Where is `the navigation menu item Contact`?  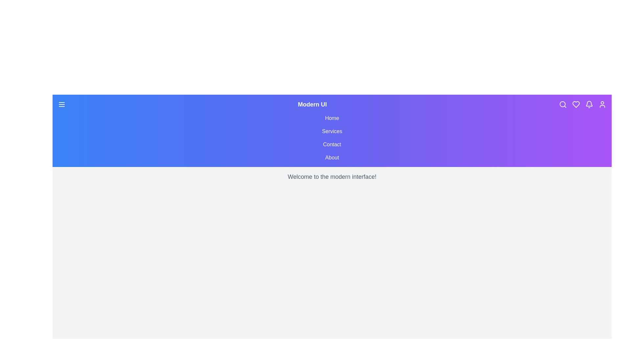 the navigation menu item Contact is located at coordinates (332, 144).